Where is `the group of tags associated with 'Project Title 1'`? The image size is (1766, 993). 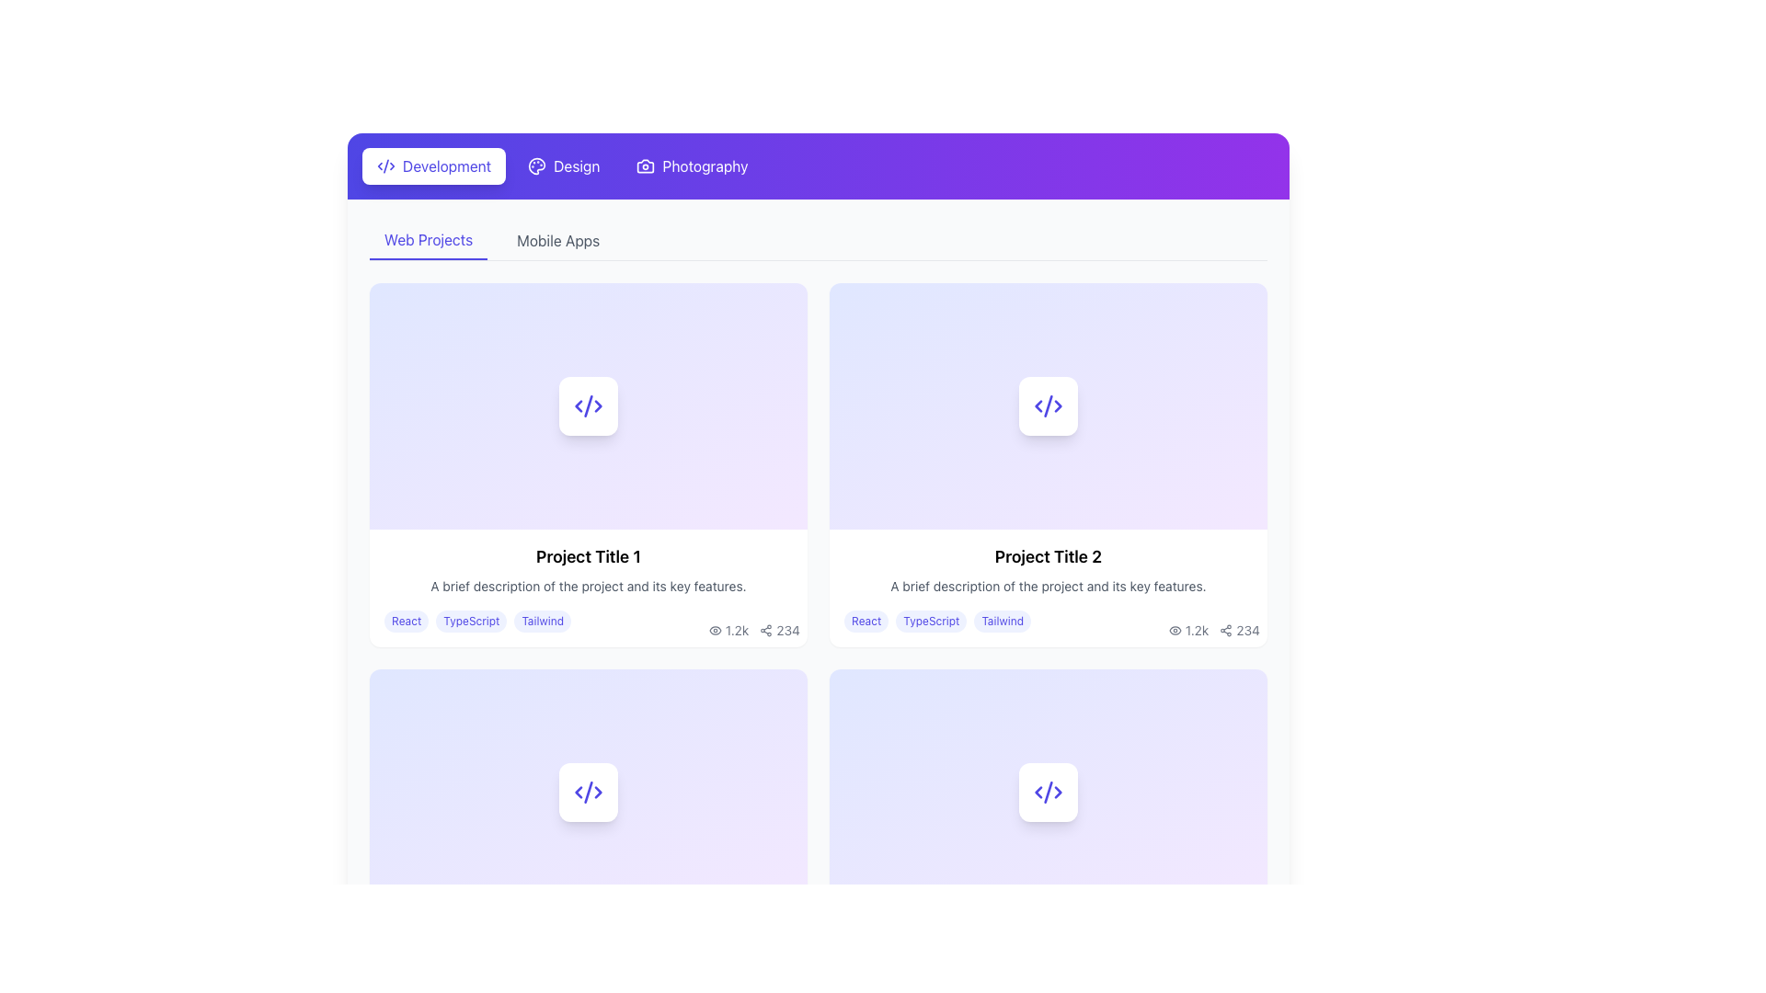
the group of tags associated with 'Project Title 1' is located at coordinates (587, 621).